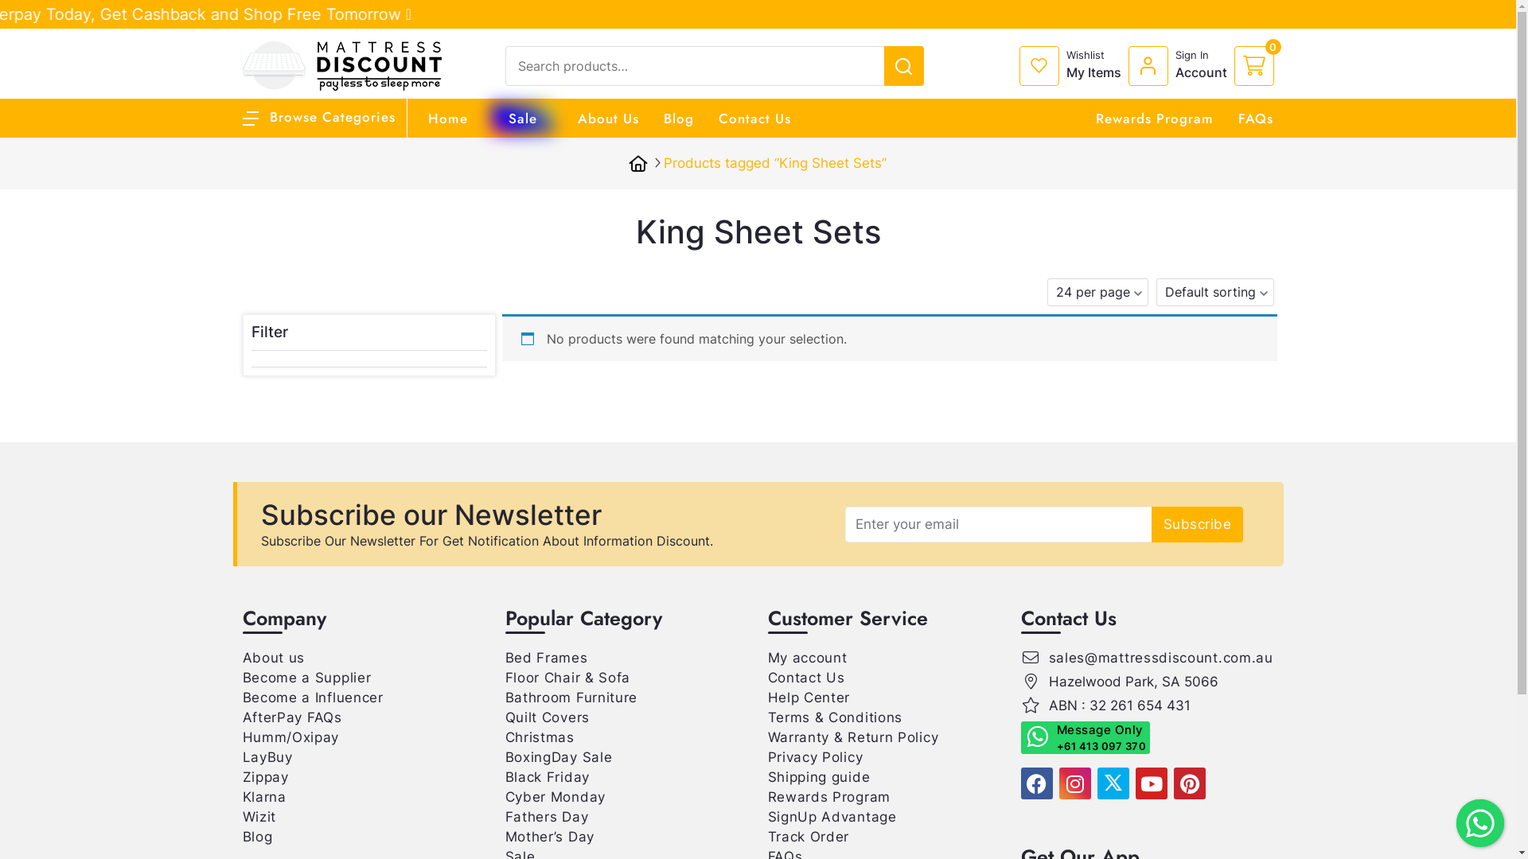 This screenshot has height=859, width=1528. Describe the element at coordinates (306, 678) in the screenshot. I see `'Become a Supplier'` at that location.